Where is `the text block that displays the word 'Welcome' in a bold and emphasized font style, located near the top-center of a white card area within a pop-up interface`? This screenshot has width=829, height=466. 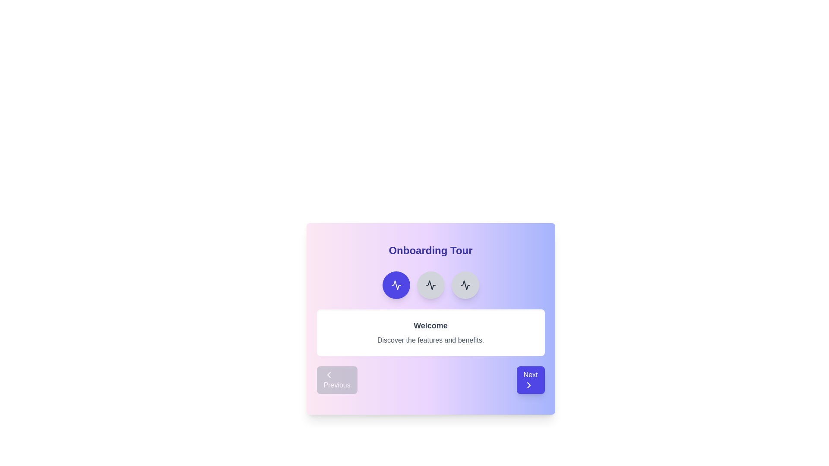
the text block that displays the word 'Welcome' in a bold and emphasized font style, located near the top-center of a white card area within a pop-up interface is located at coordinates (430, 326).